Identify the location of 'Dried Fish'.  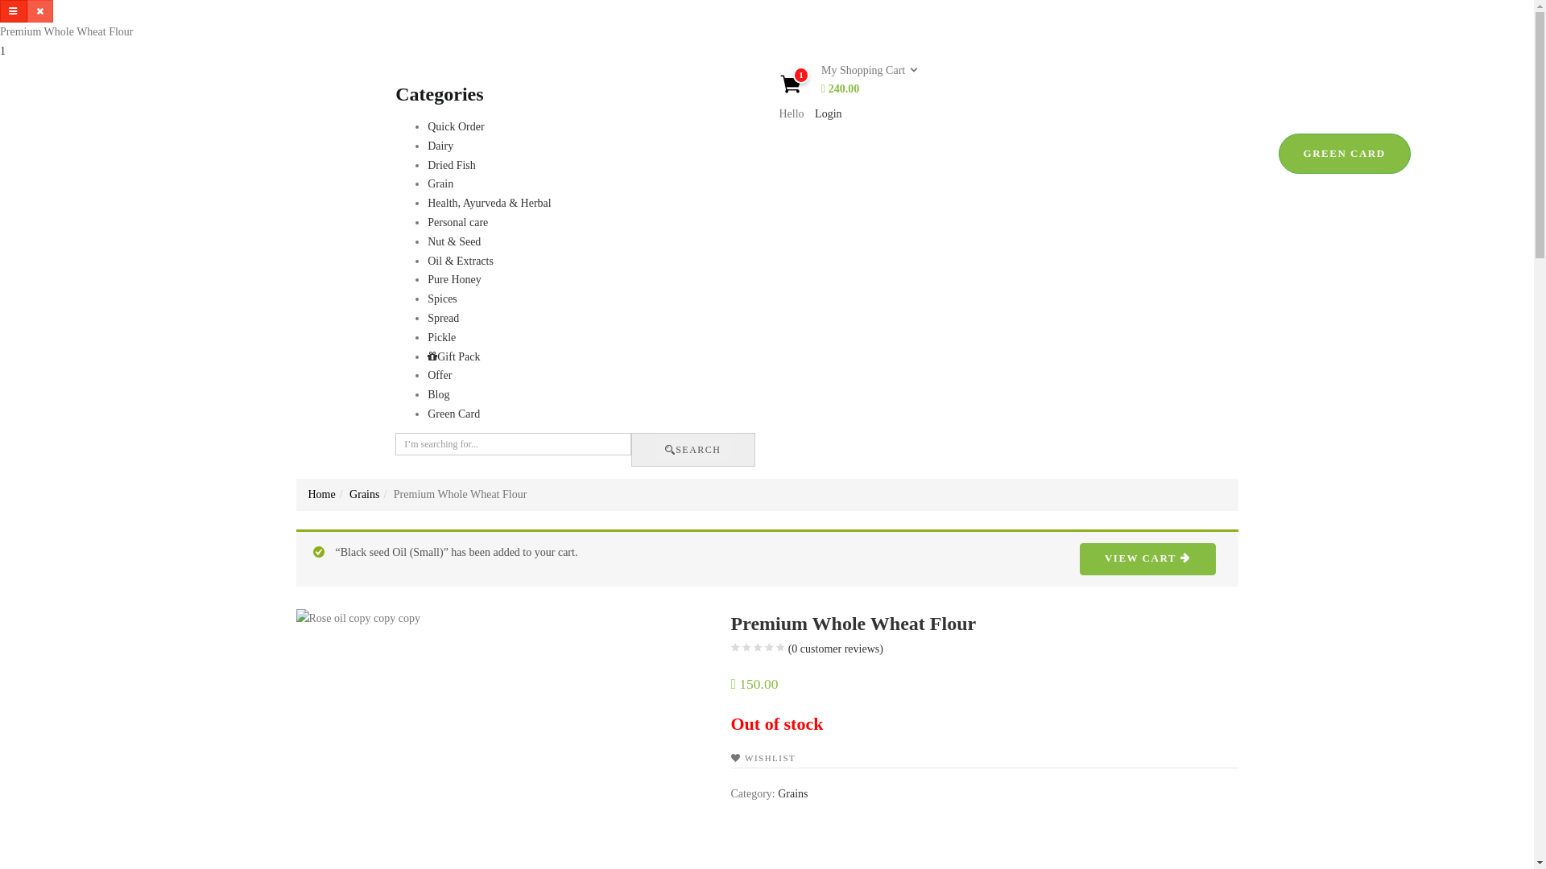
(451, 165).